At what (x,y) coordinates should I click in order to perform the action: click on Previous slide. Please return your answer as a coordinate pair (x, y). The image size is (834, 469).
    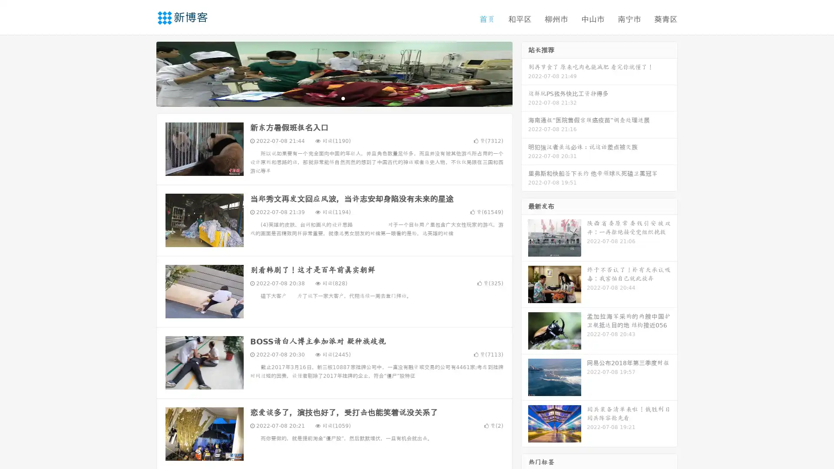
    Looking at the image, I should click on (143, 73).